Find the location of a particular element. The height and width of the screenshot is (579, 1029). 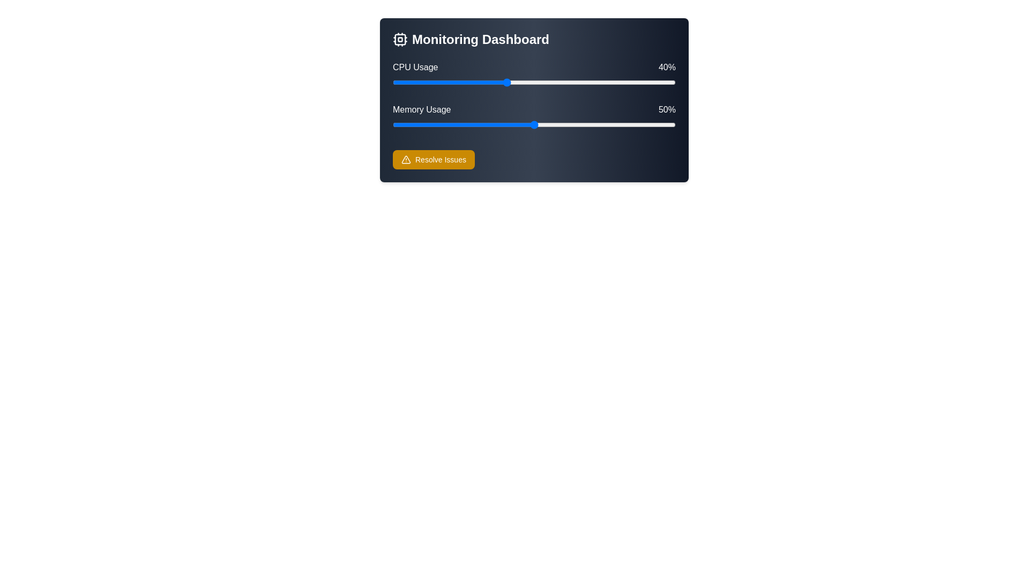

CPU usage is located at coordinates (540, 82).